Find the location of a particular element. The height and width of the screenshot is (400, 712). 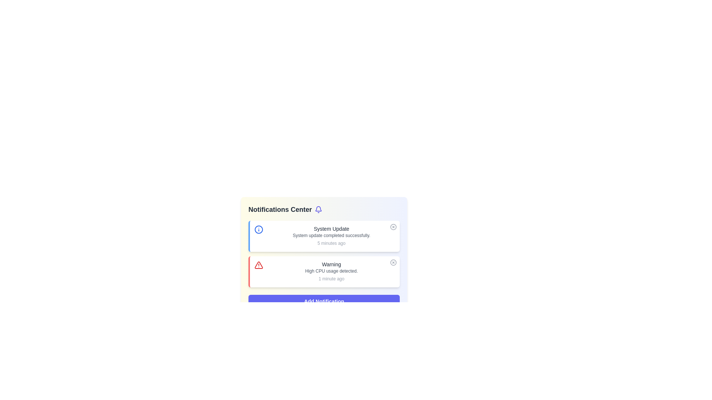

the warning icon in the second notification card, which indicates a high CPU usage issue is located at coordinates (258, 265).